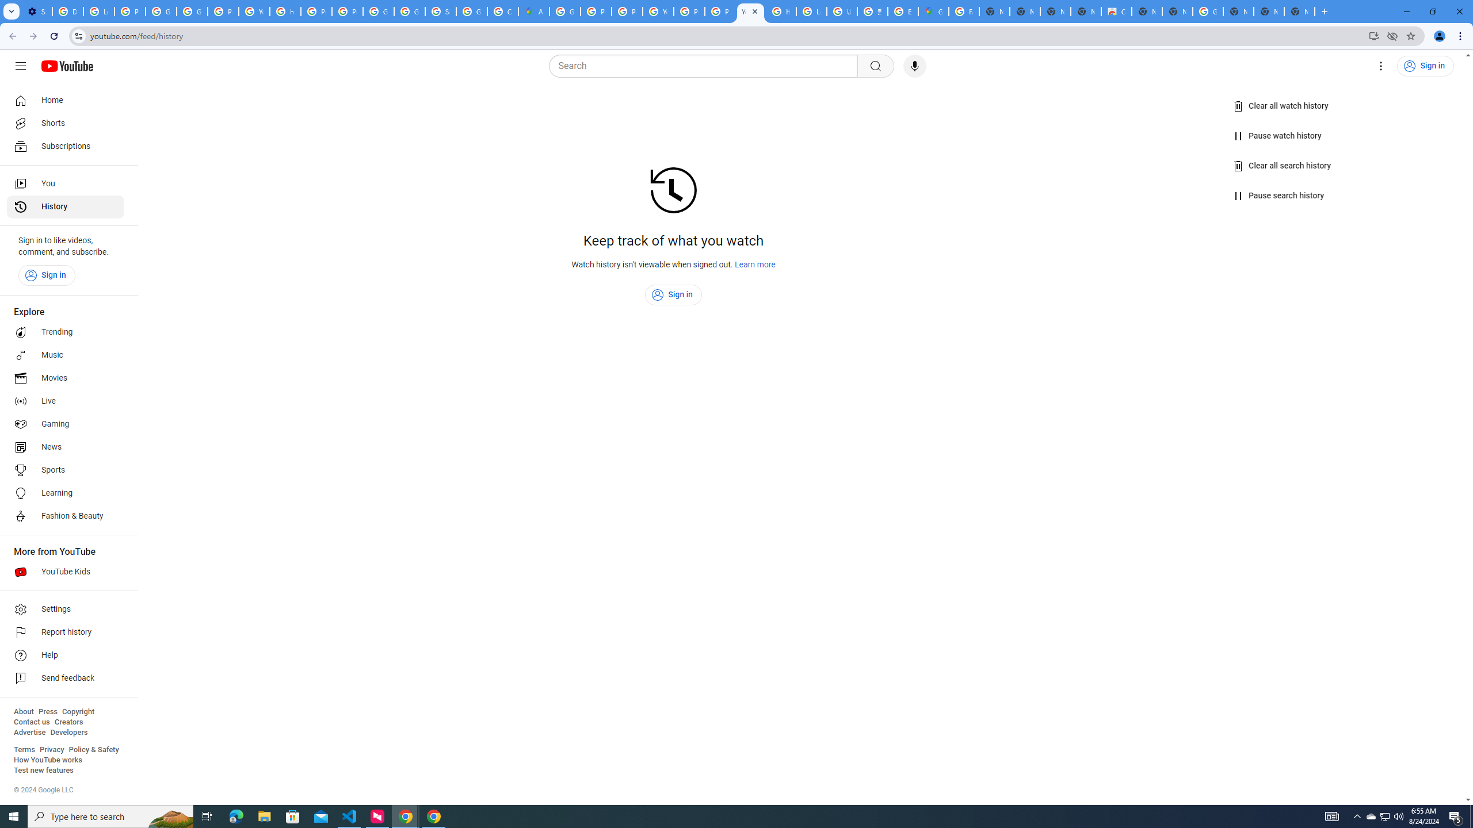  Describe the element at coordinates (68, 722) in the screenshot. I see `'Creators'` at that location.